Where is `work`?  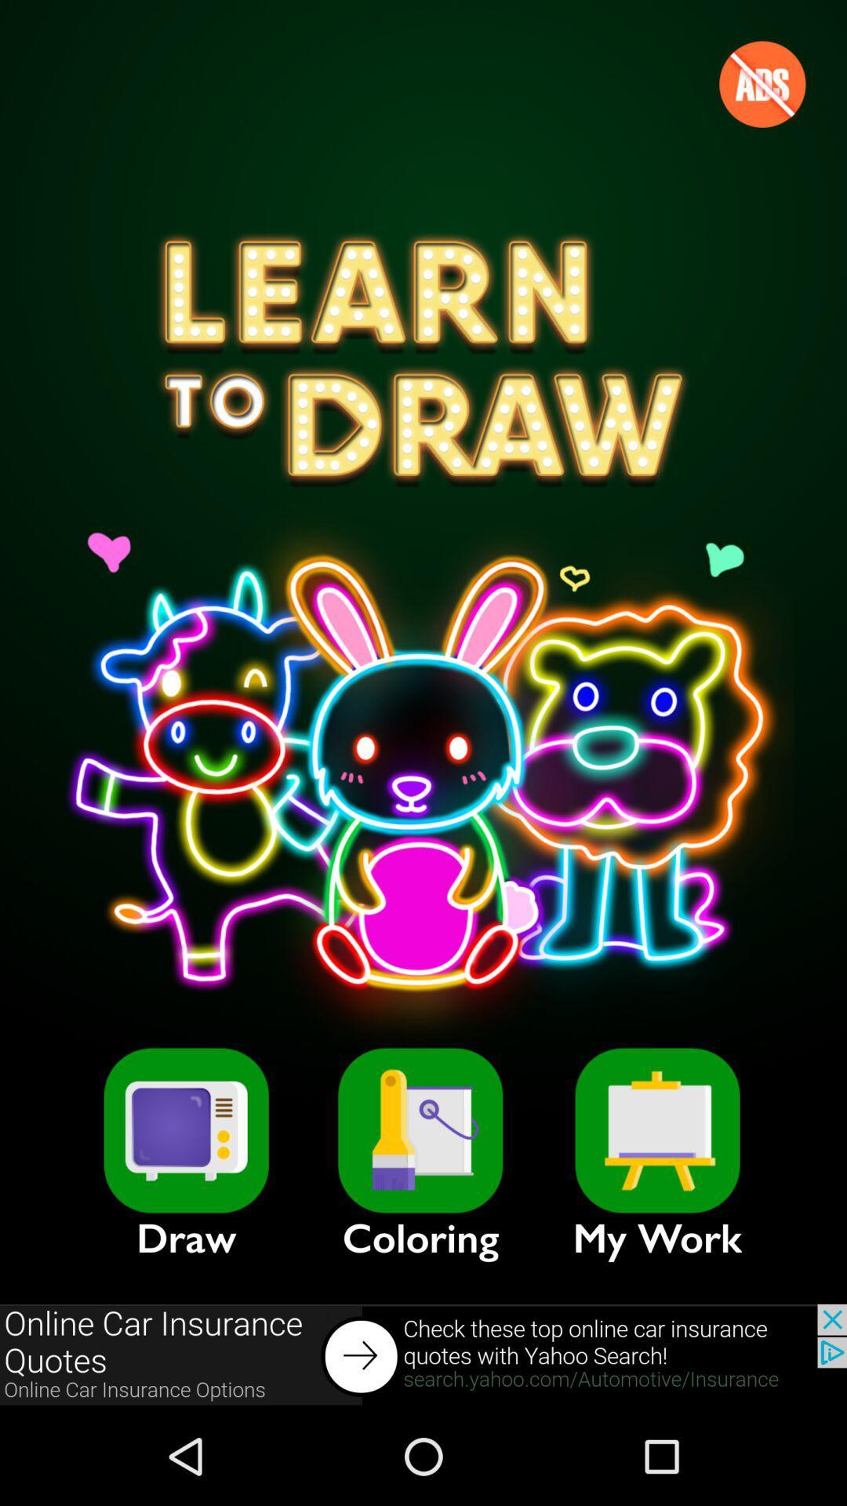
work is located at coordinates (657, 1130).